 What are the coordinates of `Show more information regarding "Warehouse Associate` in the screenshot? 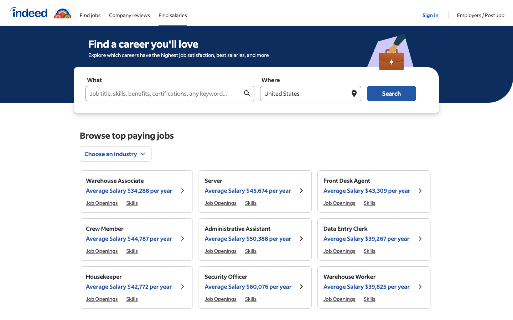 It's located at (182, 191).